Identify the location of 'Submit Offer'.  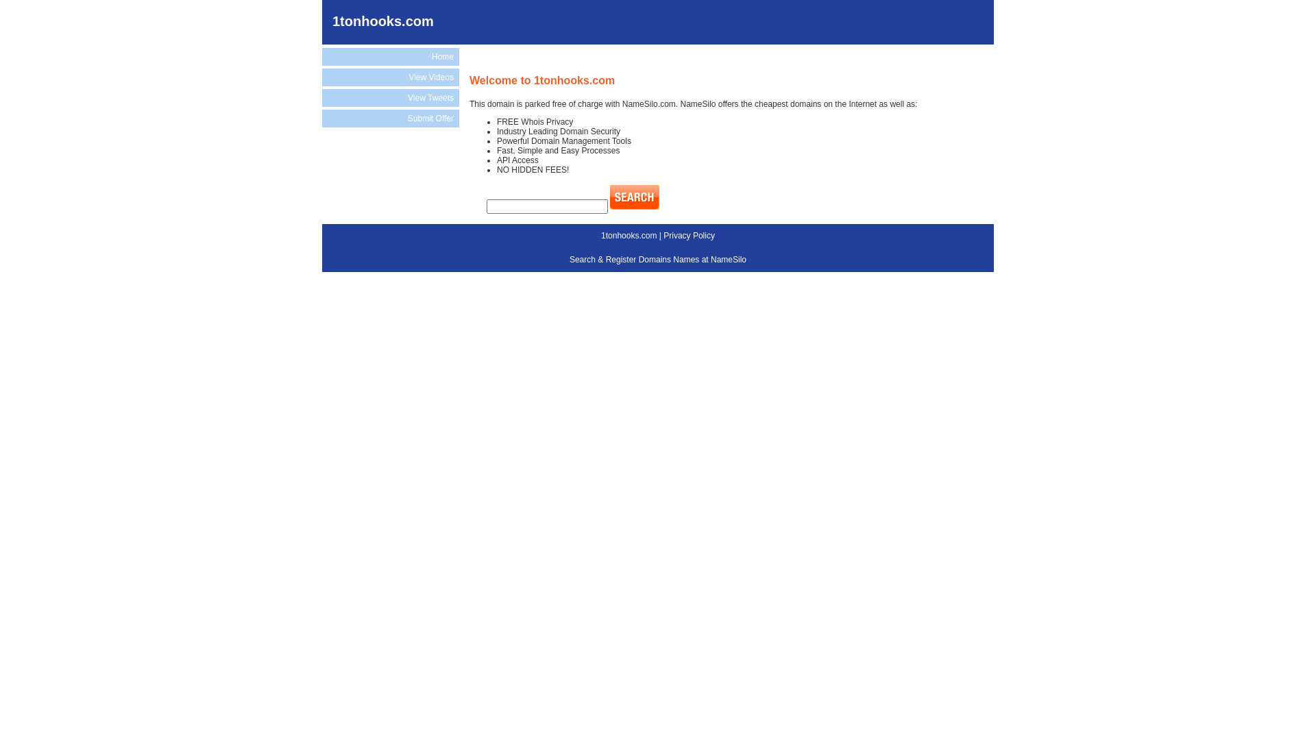
(390, 118).